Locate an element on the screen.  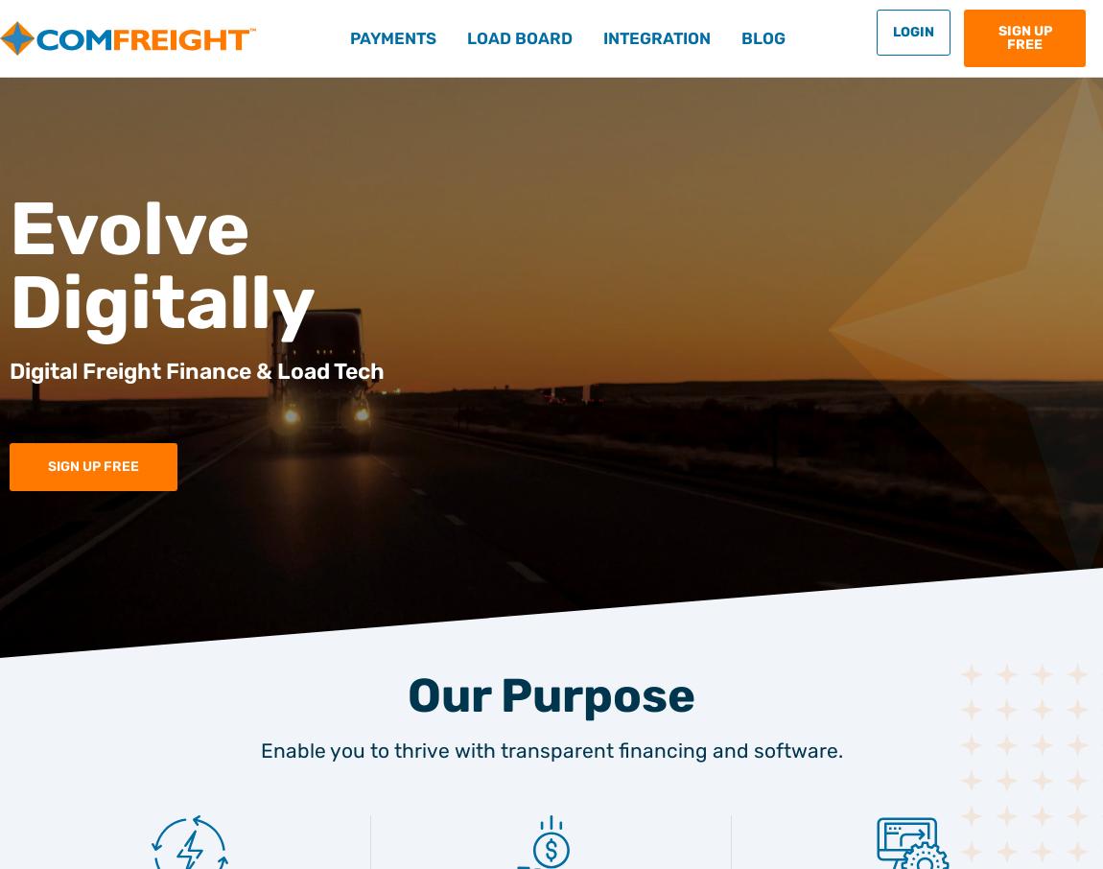
'Enable you to thrive with transparent financing and software.' is located at coordinates (551, 750).